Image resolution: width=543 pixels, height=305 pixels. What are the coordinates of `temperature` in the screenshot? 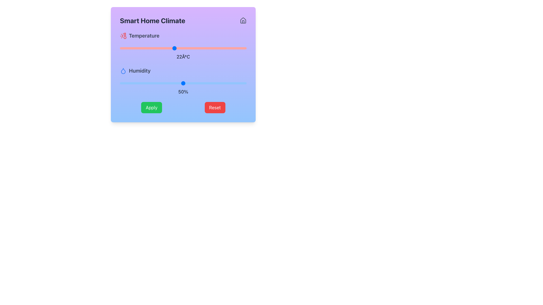 It's located at (228, 48).